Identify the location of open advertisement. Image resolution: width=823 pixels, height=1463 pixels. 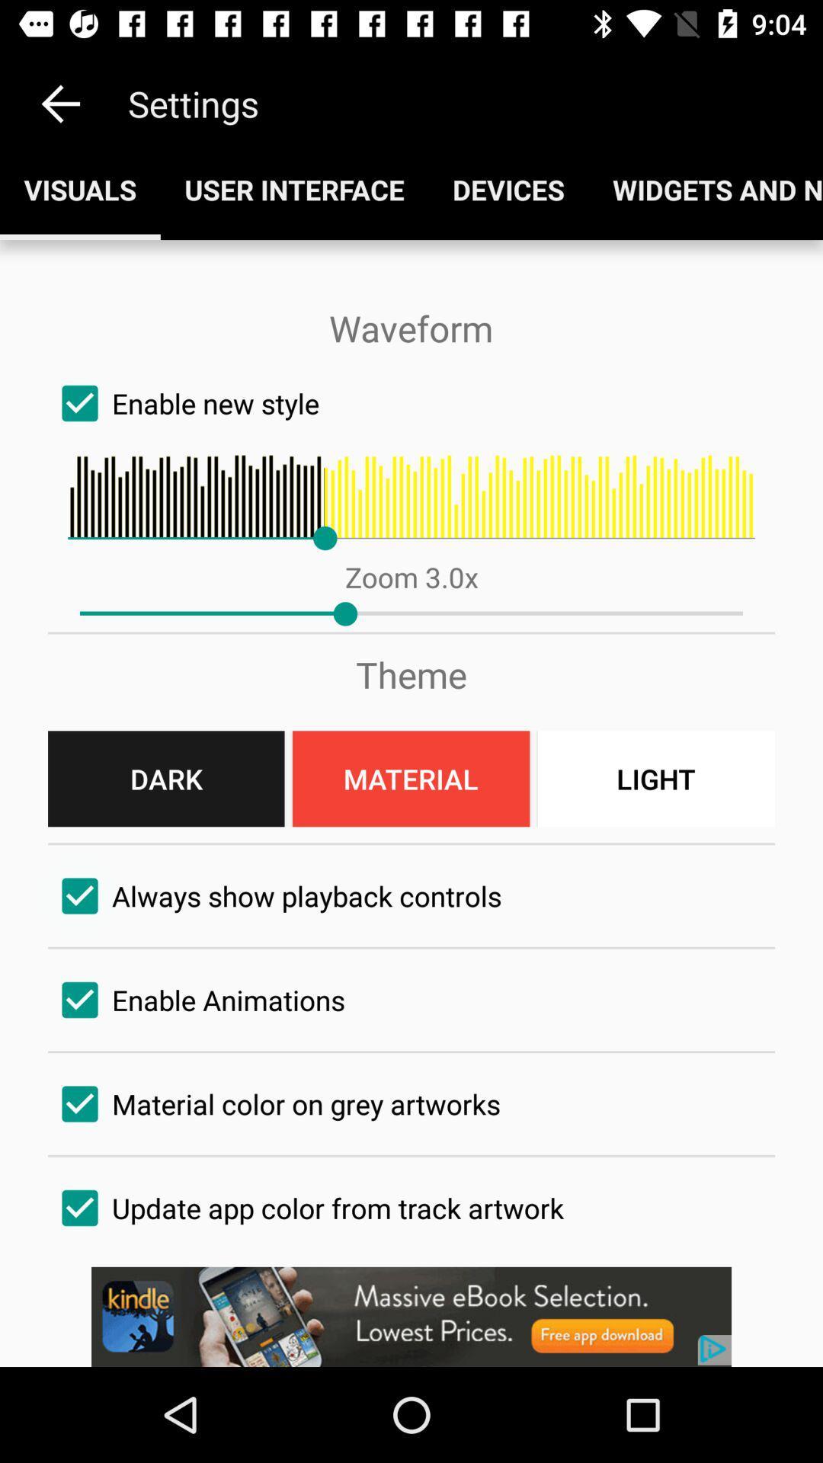
(411, 1316).